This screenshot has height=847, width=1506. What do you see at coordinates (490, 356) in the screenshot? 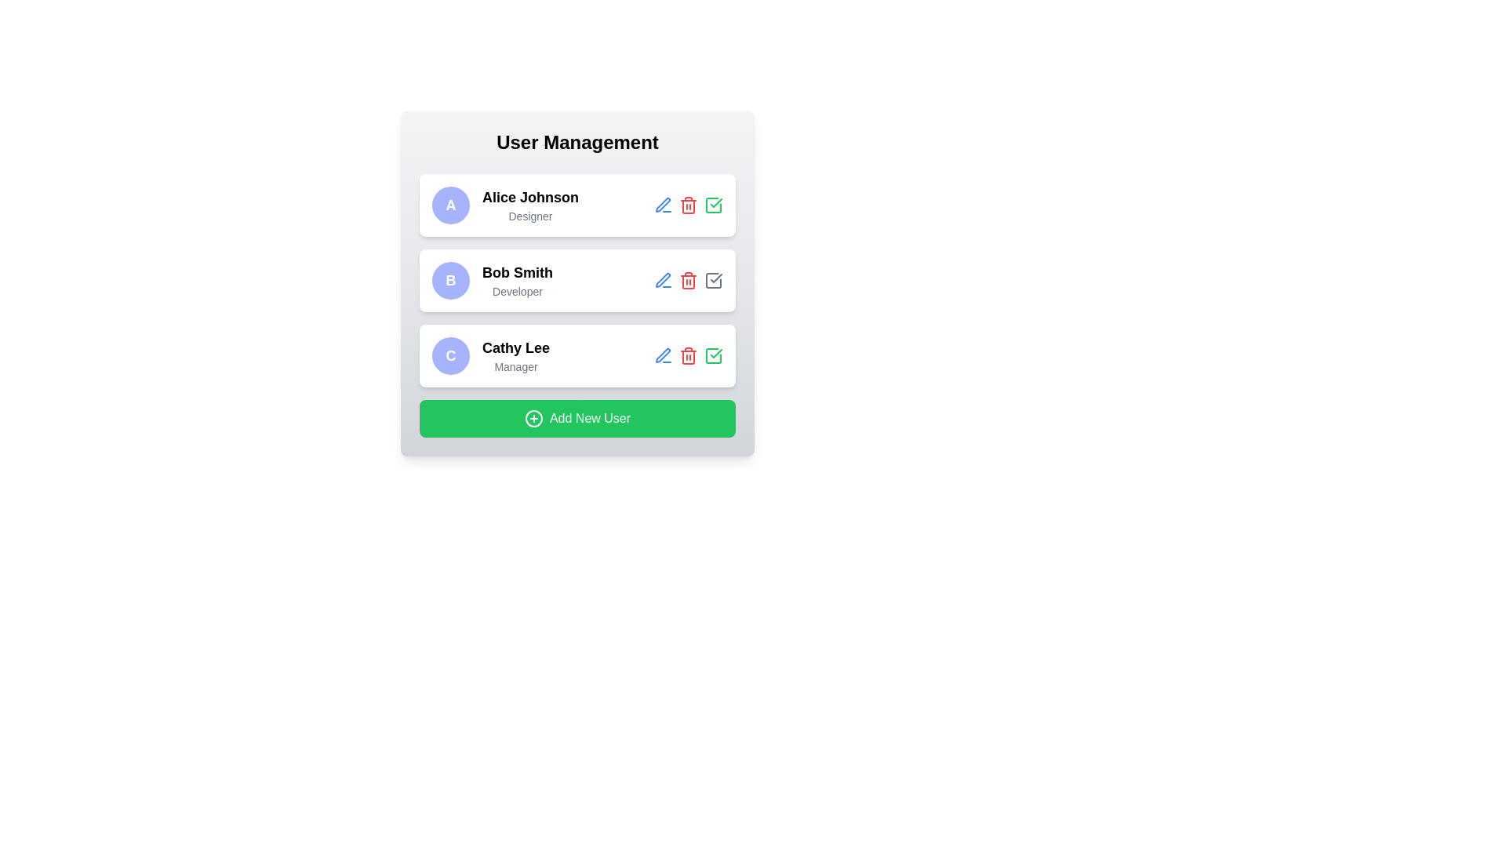
I see `the user card for 'Cathy Lee', which contains a circular avatar with a purple background and the letter 'C', followed by the name 'Cathy Lee' in bold and the role 'Manager' below it` at bounding box center [490, 356].